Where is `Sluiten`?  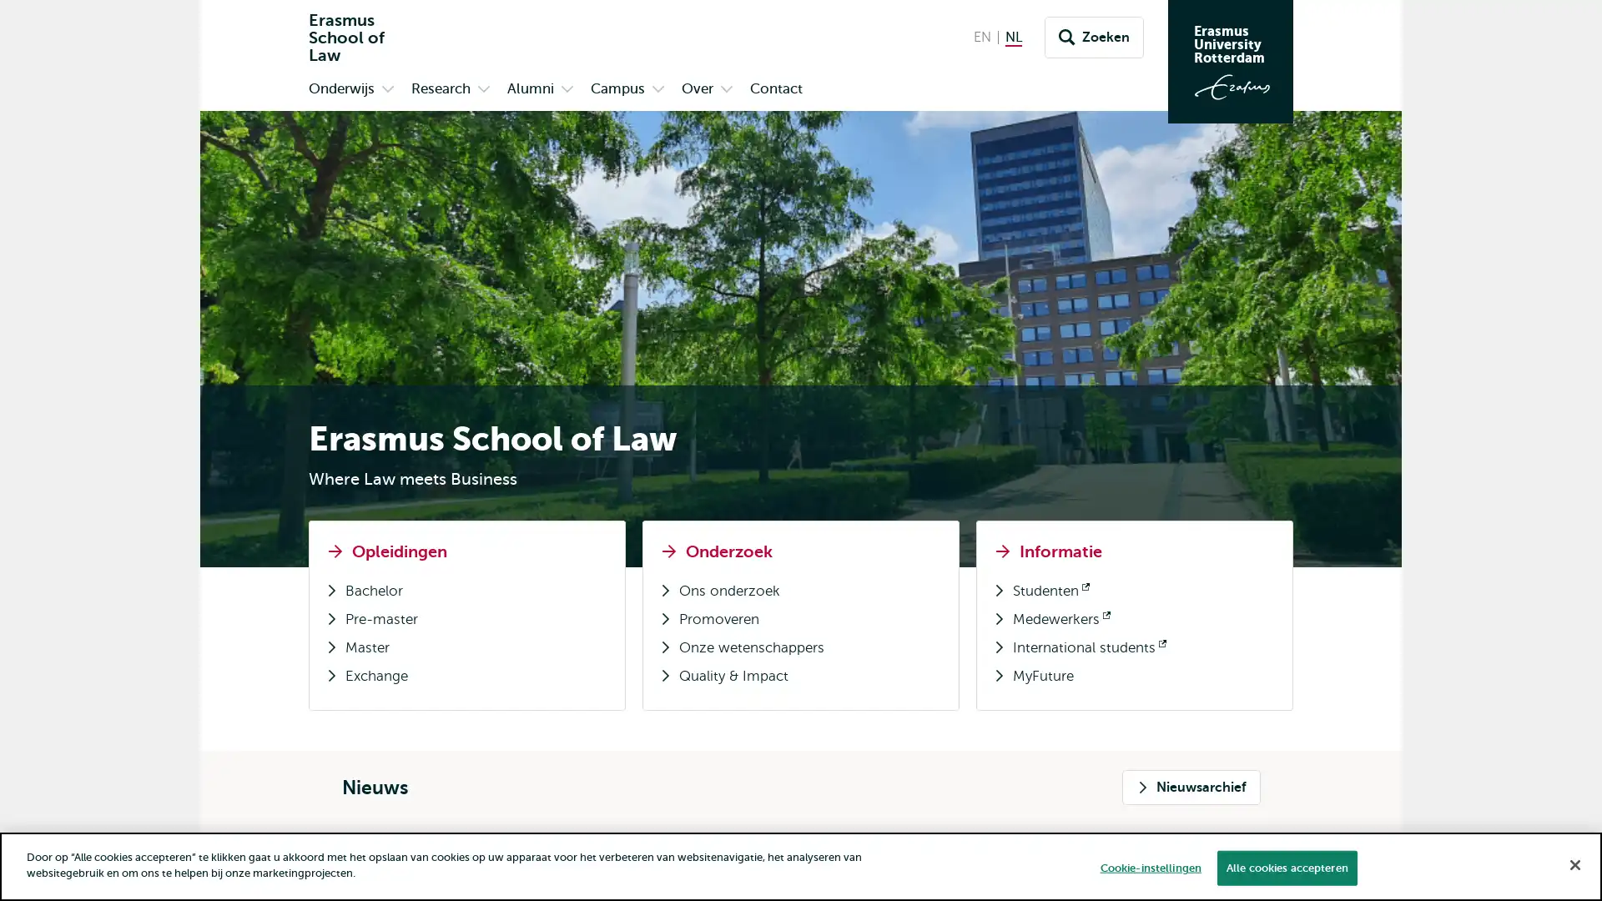 Sluiten is located at coordinates (1574, 863).